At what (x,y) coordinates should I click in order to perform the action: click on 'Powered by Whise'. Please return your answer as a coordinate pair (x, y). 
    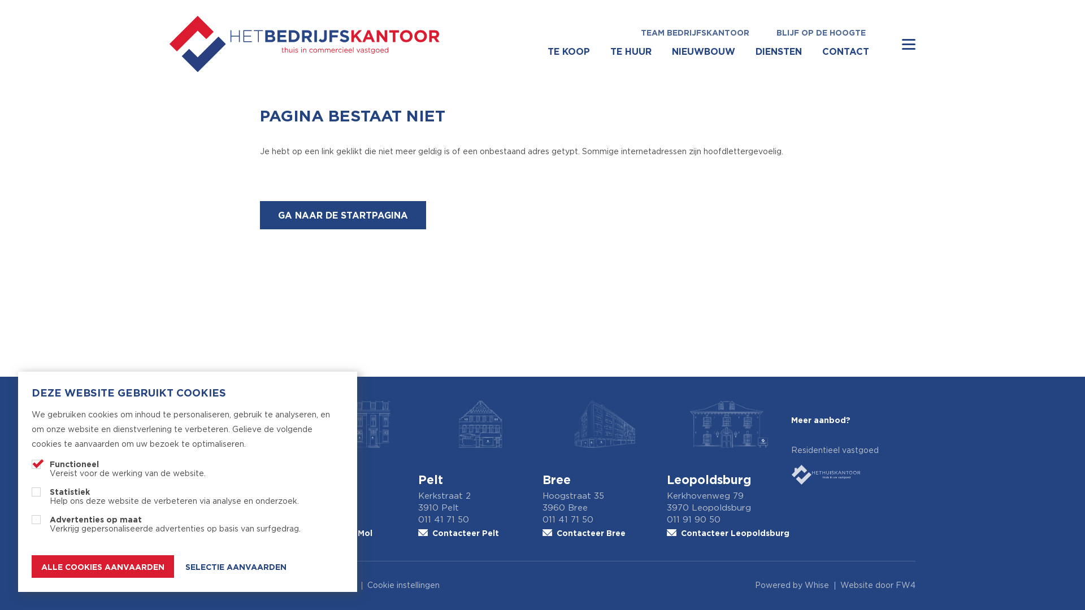
    Looking at the image, I should click on (791, 585).